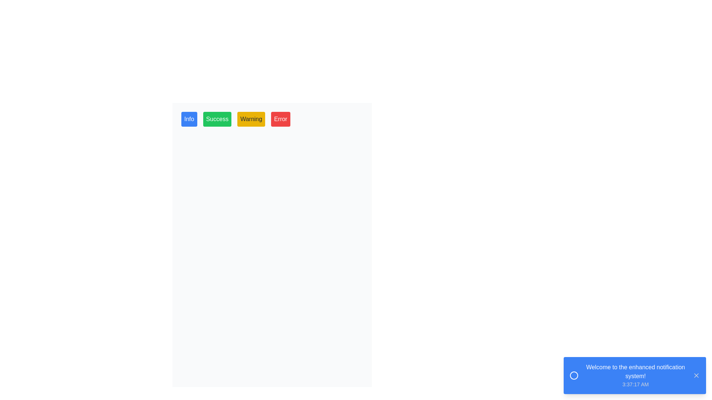 The height and width of the screenshot is (400, 712). What do you see at coordinates (635, 376) in the screenshot?
I see `the text block displaying 'Welcome to the enhanced notification system!' and '3:37:17 AM' within the blue rectangle notification box` at bounding box center [635, 376].